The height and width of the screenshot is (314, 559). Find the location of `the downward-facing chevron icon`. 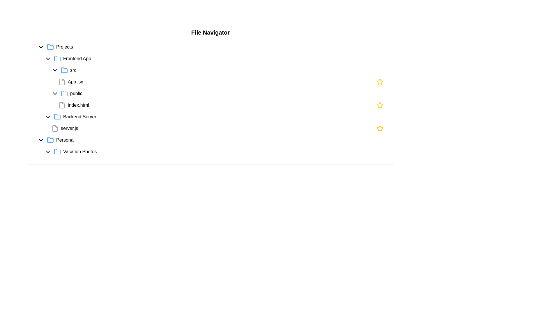

the downward-facing chevron icon is located at coordinates (48, 117).